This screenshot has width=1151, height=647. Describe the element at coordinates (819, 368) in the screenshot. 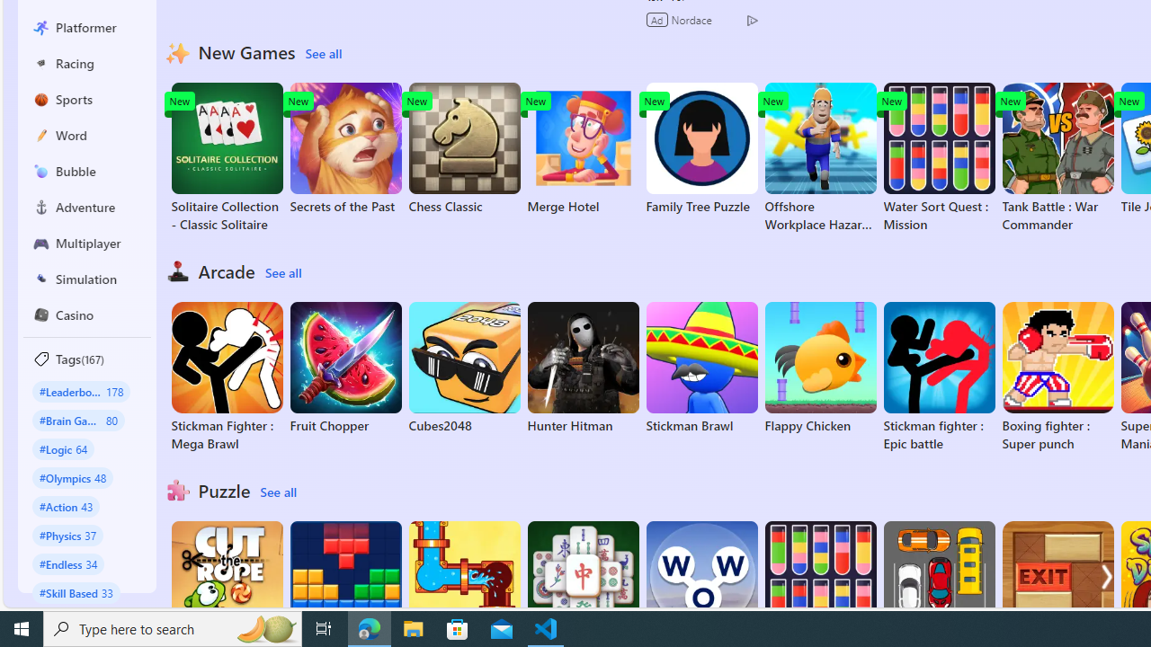

I see `'Flappy Chicken'` at that location.